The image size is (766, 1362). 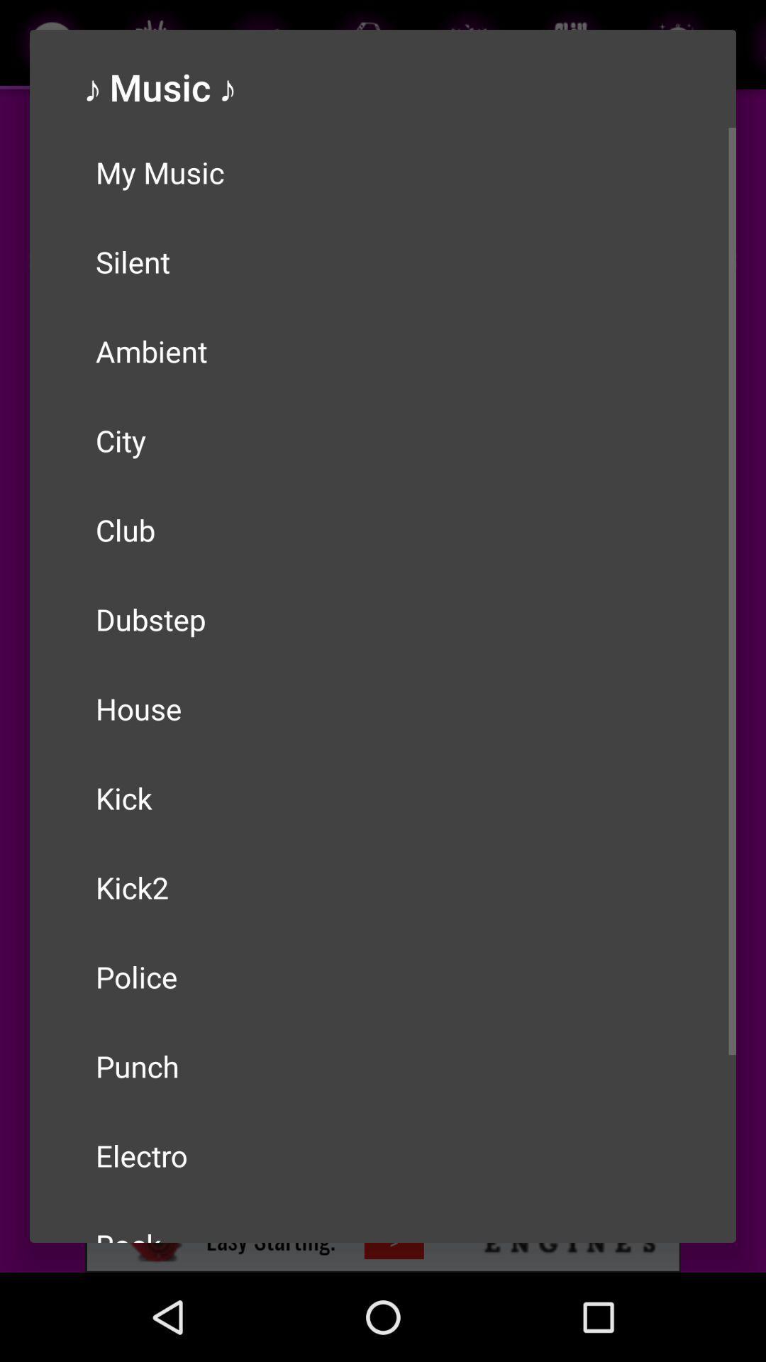 What do you see at coordinates (383, 1065) in the screenshot?
I see `the 		punch icon` at bounding box center [383, 1065].